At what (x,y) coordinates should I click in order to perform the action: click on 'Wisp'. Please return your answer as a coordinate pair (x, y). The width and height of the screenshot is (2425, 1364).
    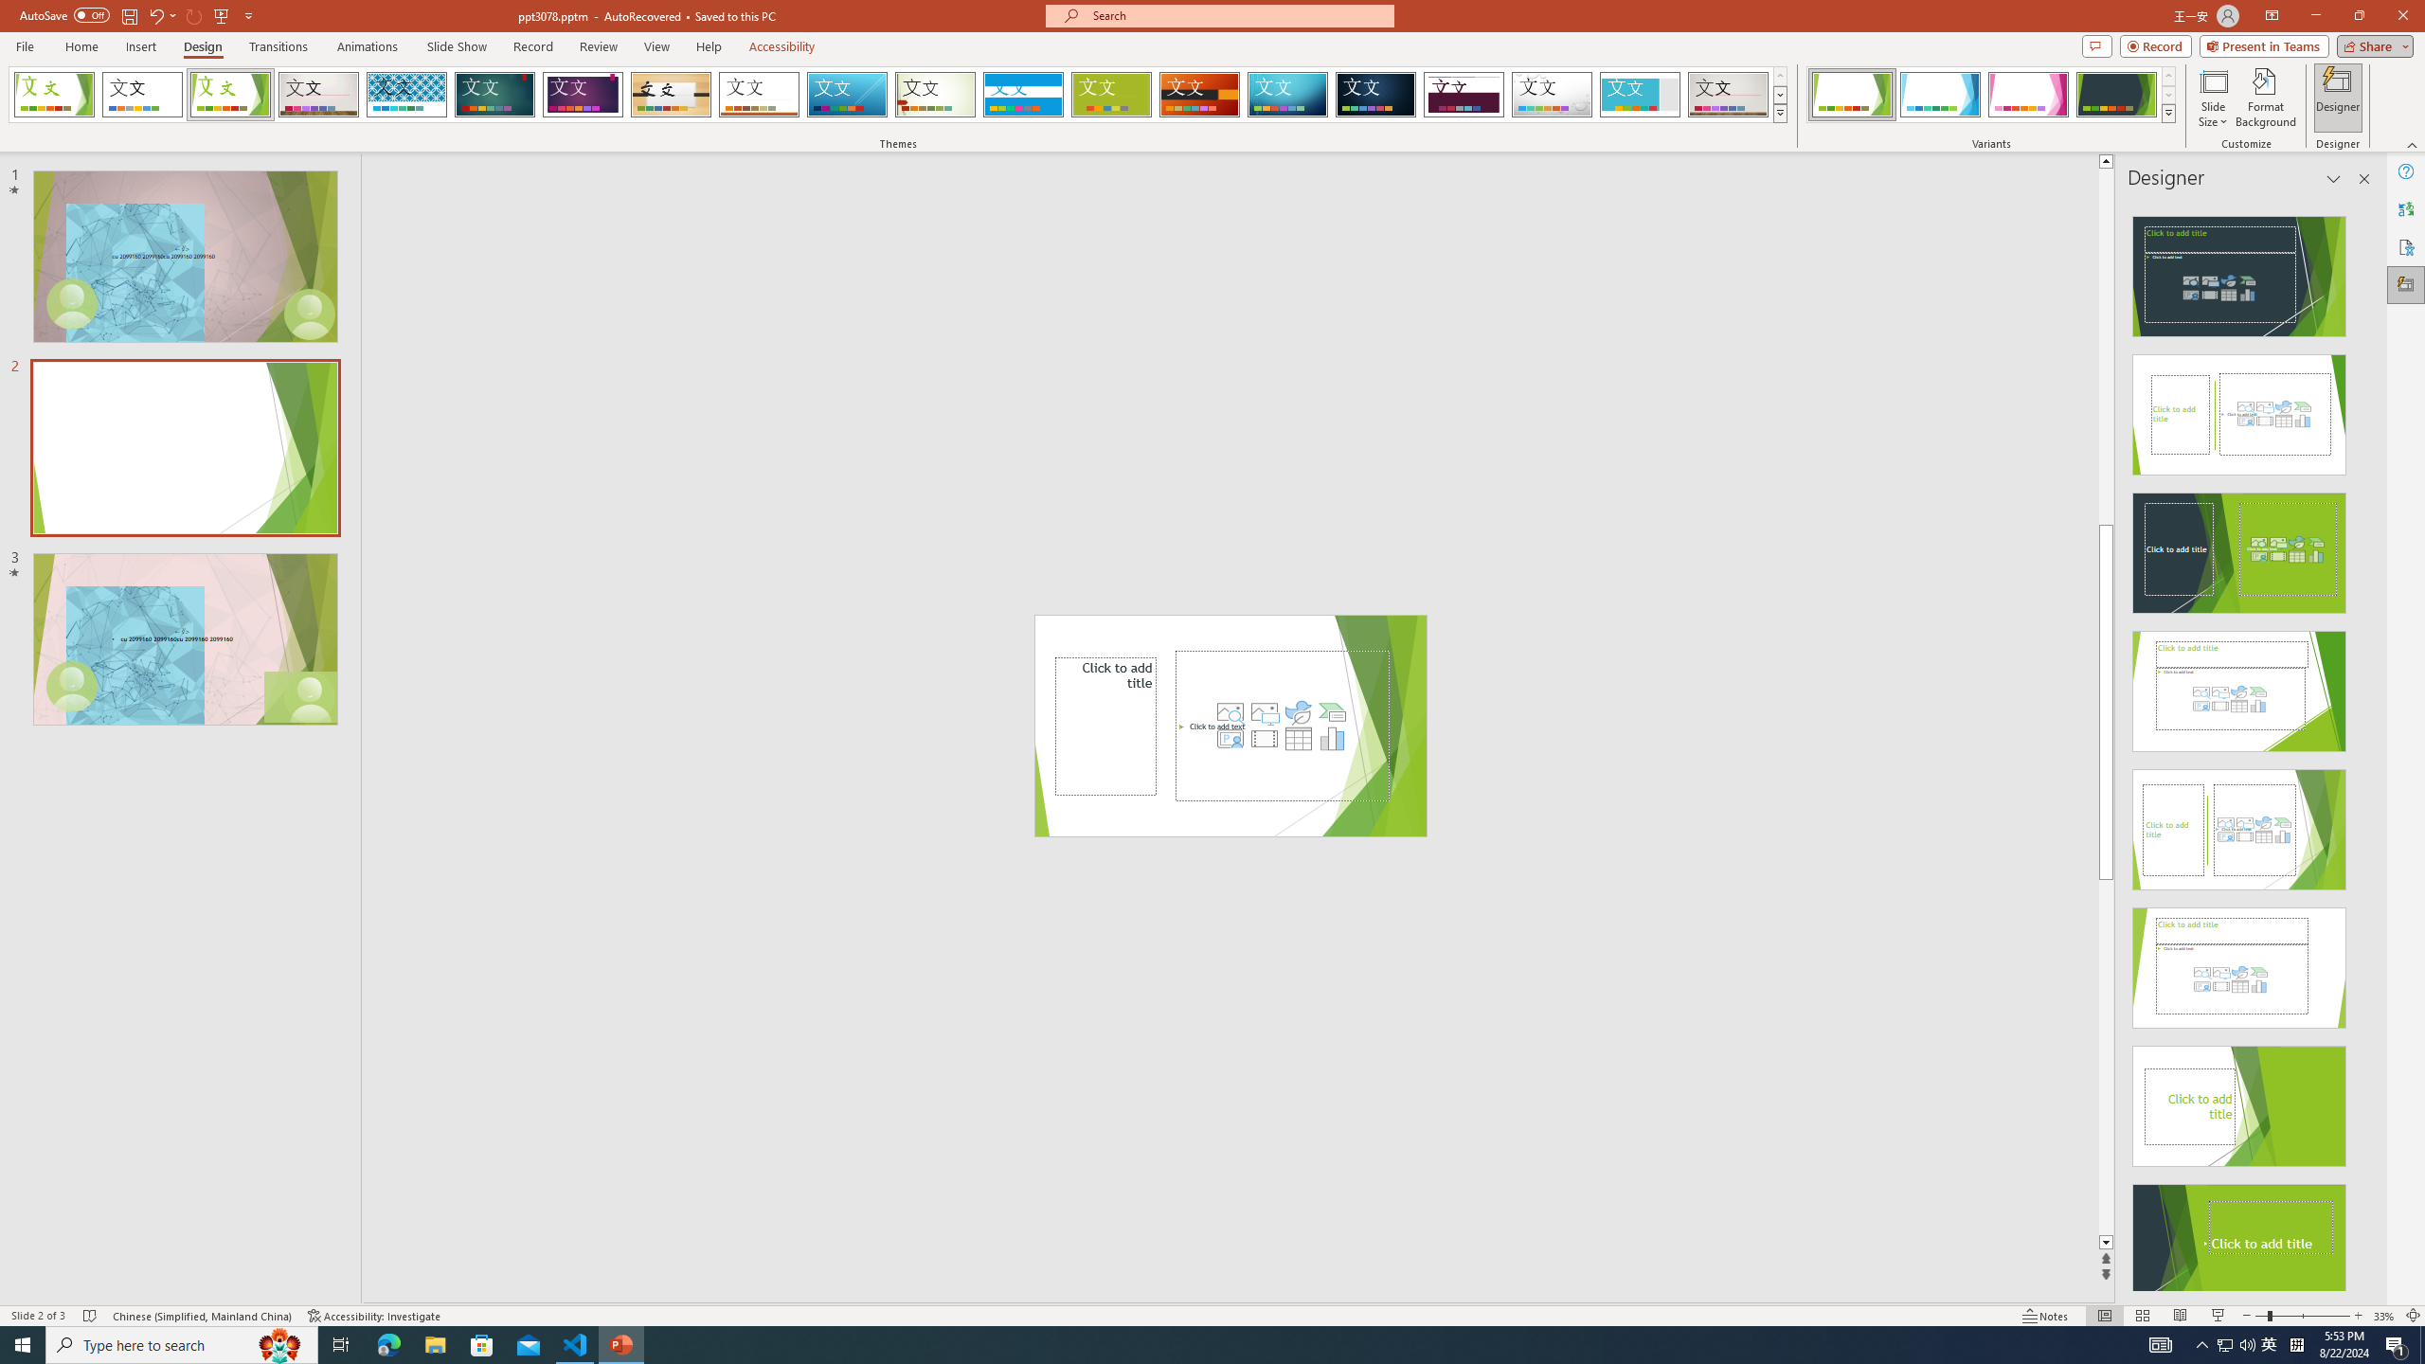
    Looking at the image, I should click on (935, 94).